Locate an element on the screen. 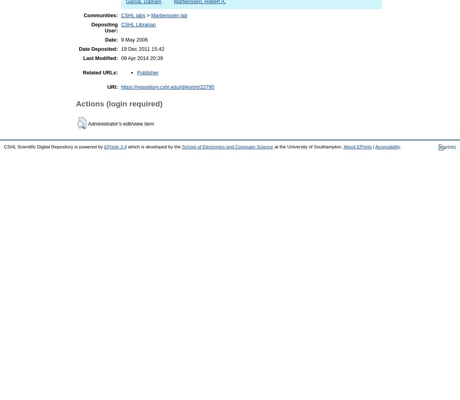  'Date:' is located at coordinates (104, 39).